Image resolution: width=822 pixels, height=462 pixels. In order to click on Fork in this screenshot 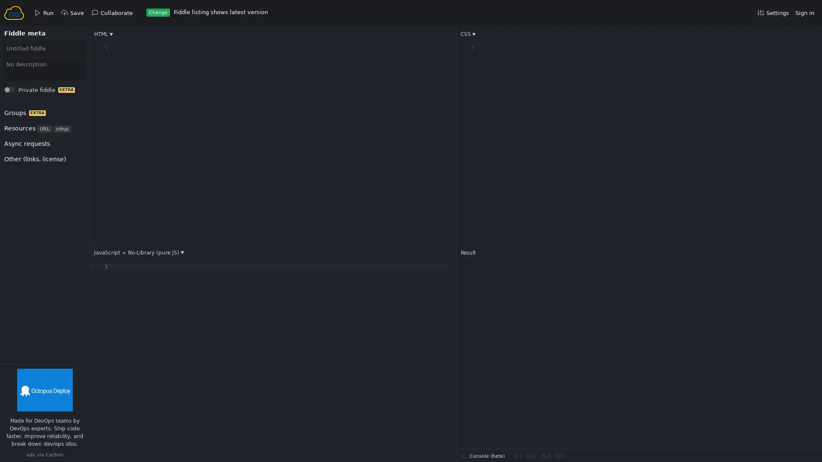, I will do `click(18, 92)`.